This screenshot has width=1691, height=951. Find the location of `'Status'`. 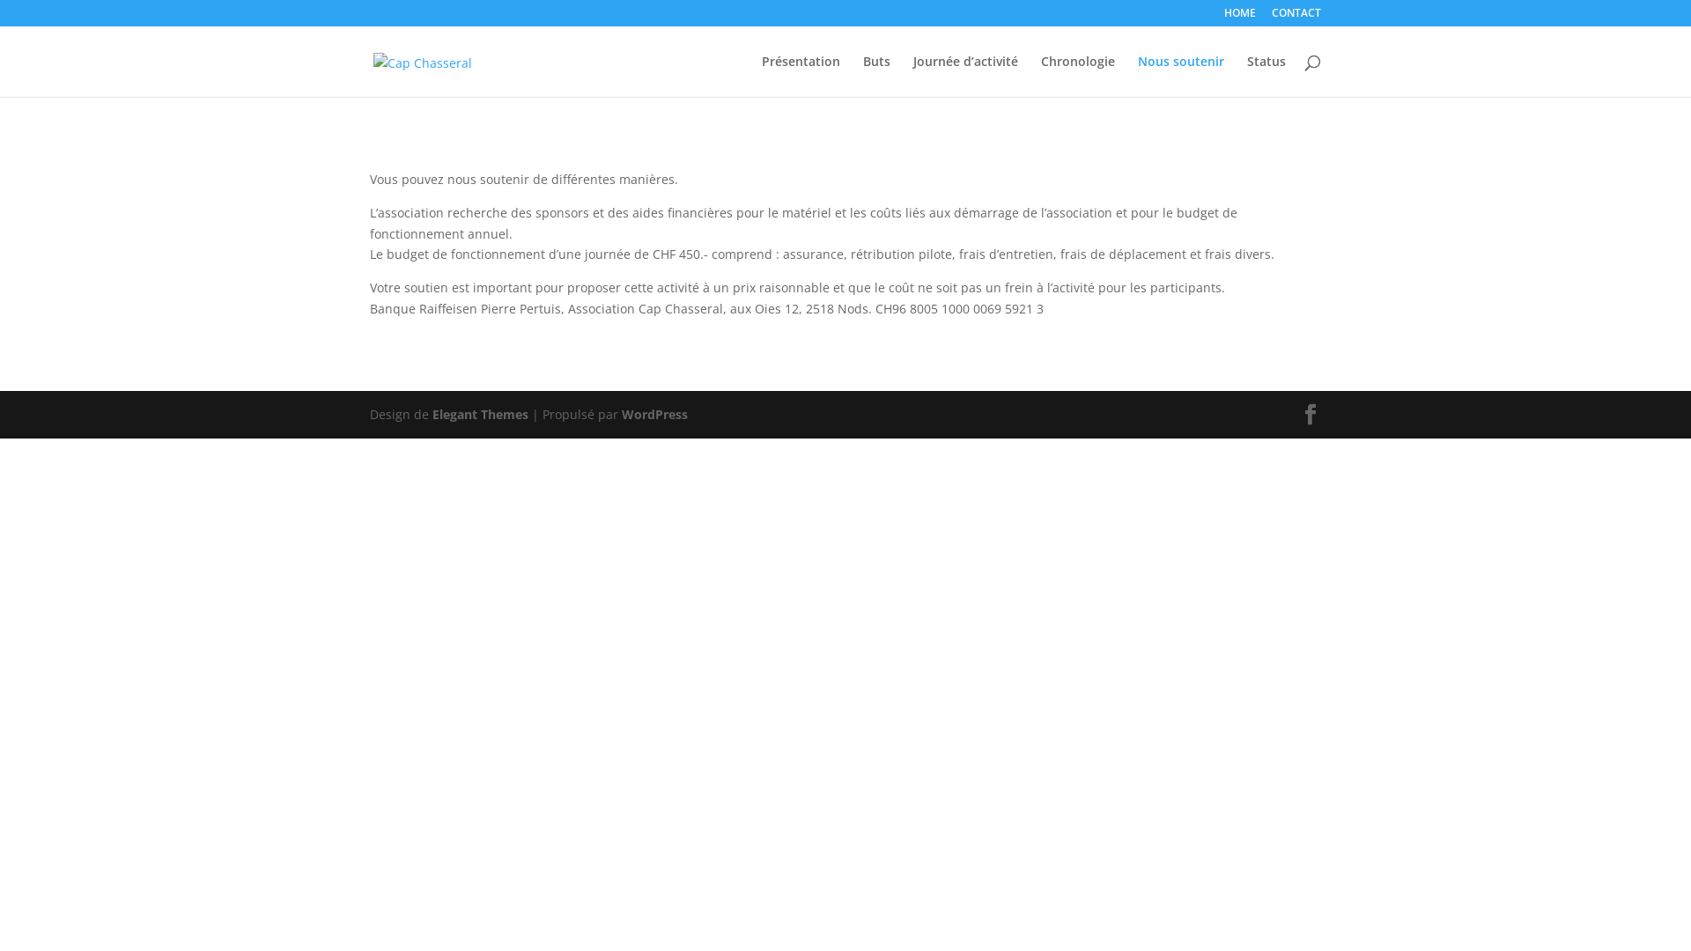

'Status' is located at coordinates (1266, 75).